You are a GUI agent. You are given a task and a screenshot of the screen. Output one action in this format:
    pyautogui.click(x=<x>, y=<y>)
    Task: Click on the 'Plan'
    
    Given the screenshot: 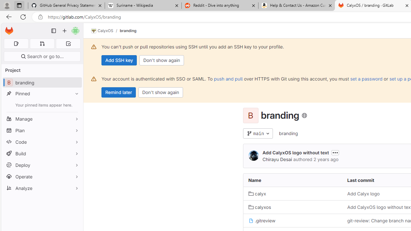 What is the action you would take?
    pyautogui.click(x=42, y=130)
    